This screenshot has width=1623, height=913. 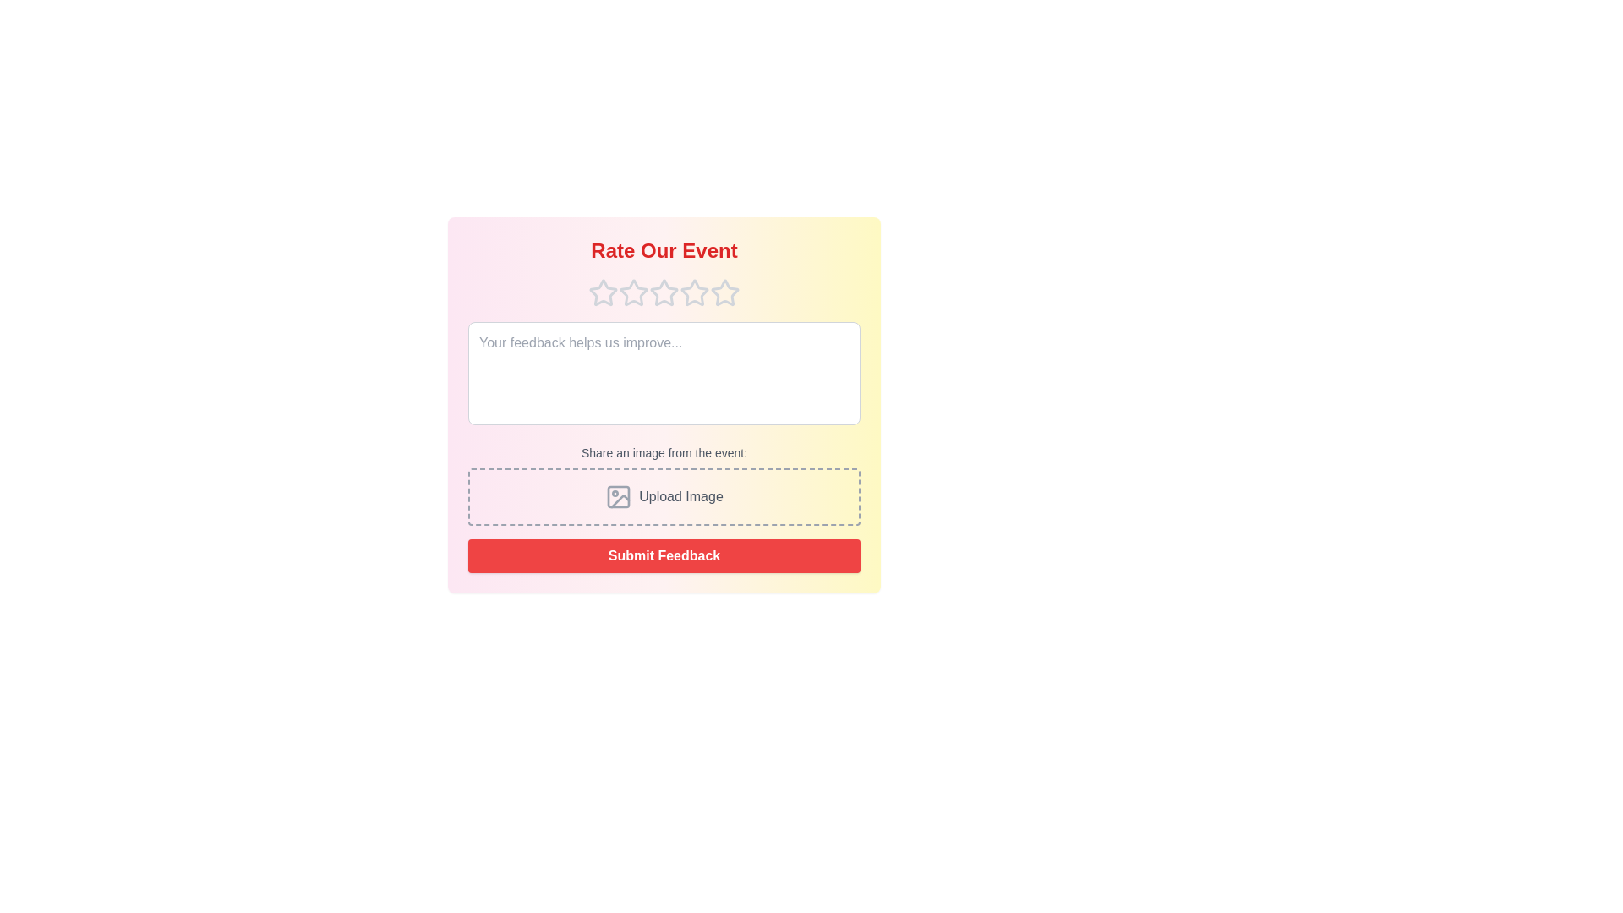 What do you see at coordinates (664, 495) in the screenshot?
I see `the 'Upload Image' section` at bounding box center [664, 495].